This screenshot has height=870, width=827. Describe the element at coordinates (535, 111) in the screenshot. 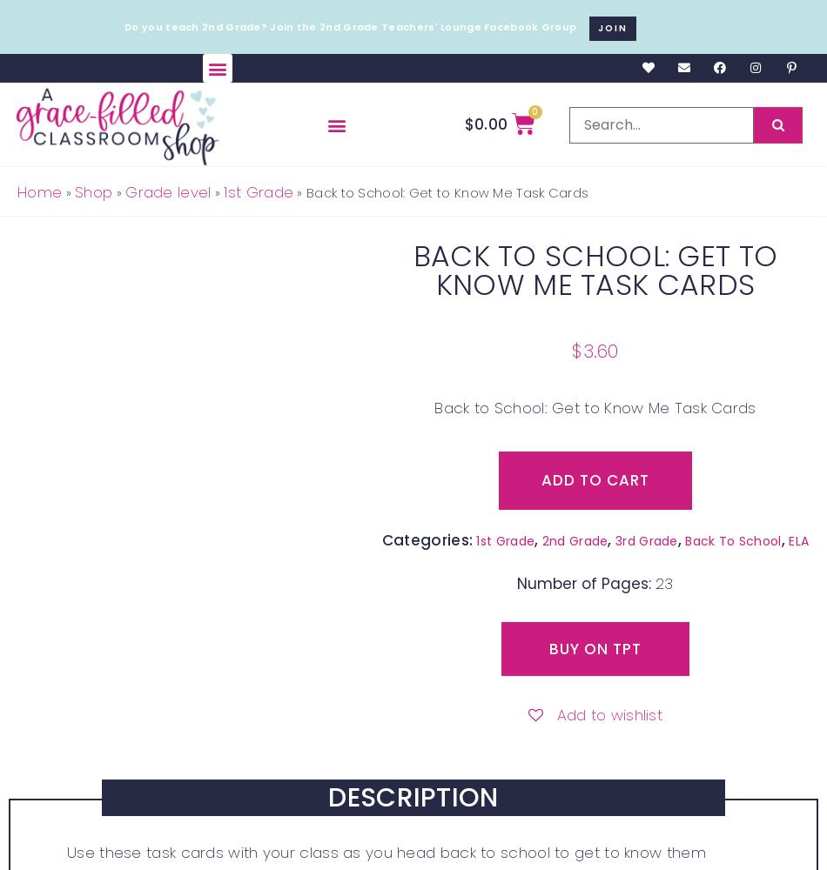

I see `'0'` at that location.